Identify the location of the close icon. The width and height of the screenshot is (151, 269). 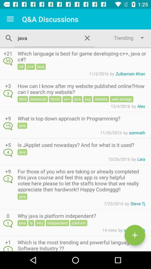
(87, 38).